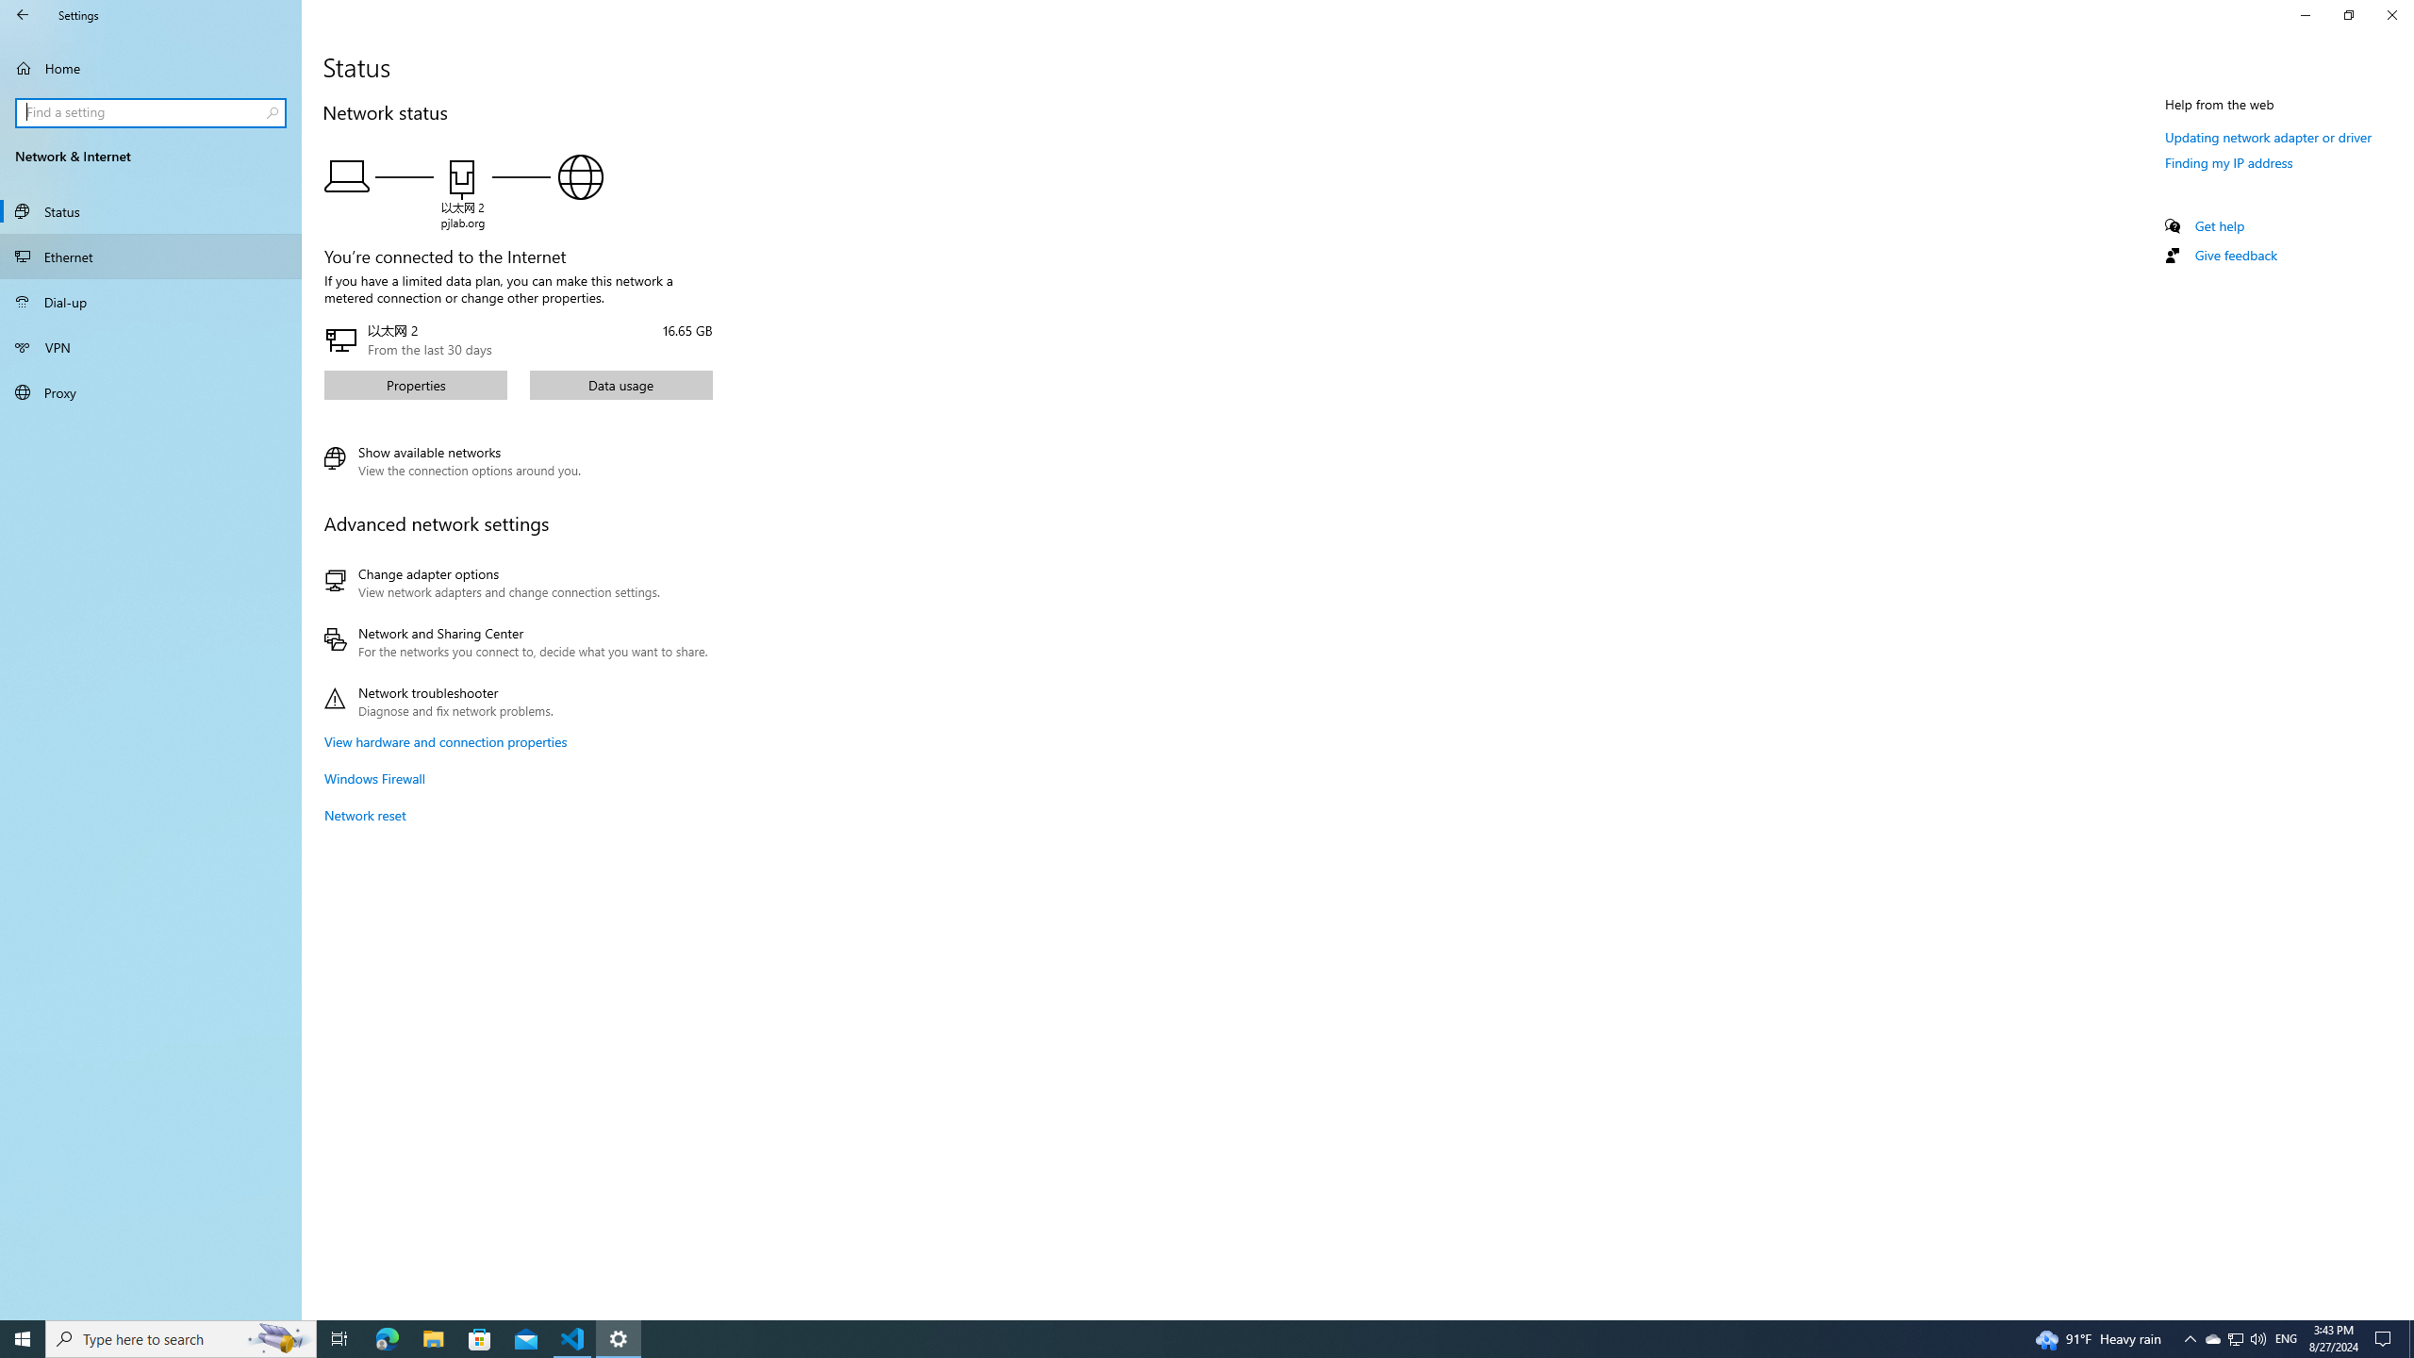  What do you see at coordinates (150, 256) in the screenshot?
I see `'Ethernet'` at bounding box center [150, 256].